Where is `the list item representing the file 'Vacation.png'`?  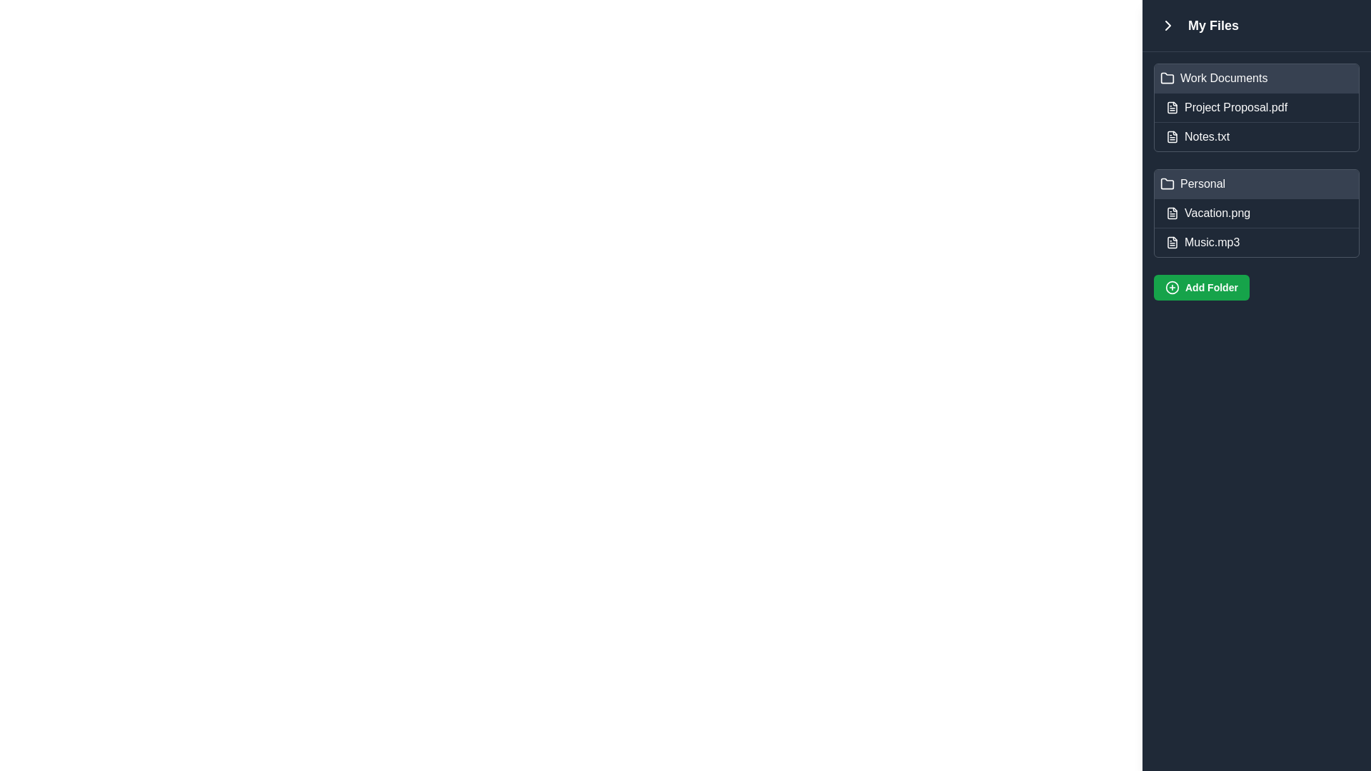 the list item representing the file 'Vacation.png' is located at coordinates (1257, 213).